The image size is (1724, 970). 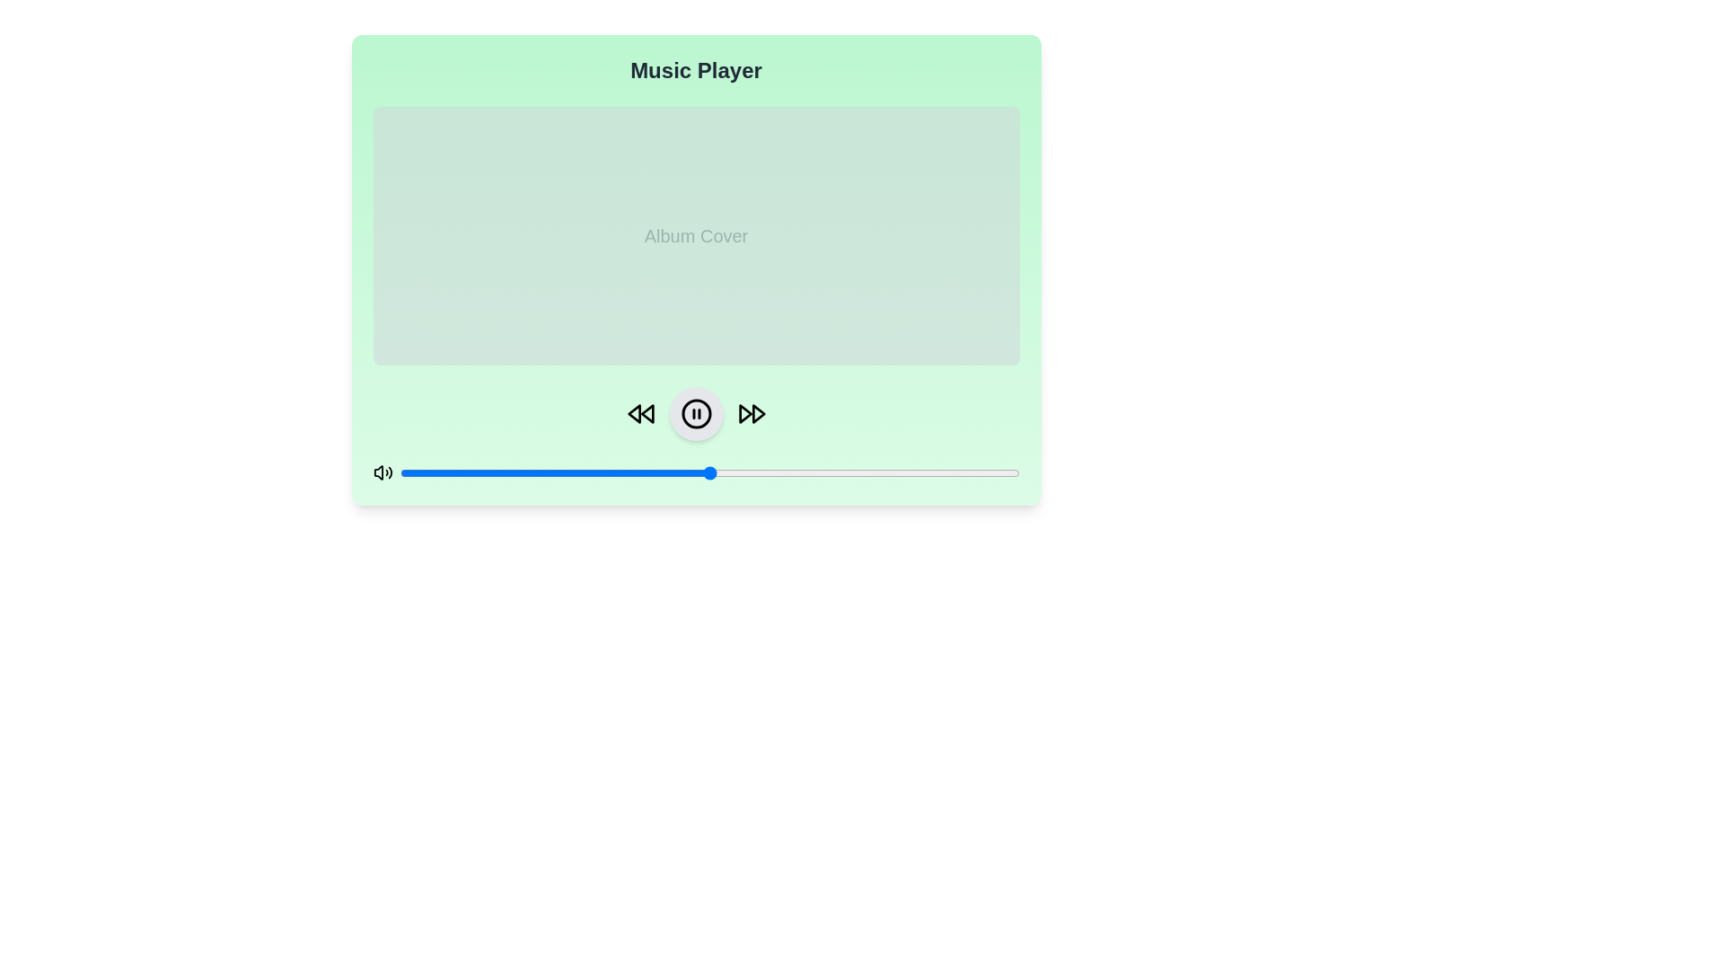 What do you see at coordinates (741, 472) in the screenshot?
I see `the slider position` at bounding box center [741, 472].